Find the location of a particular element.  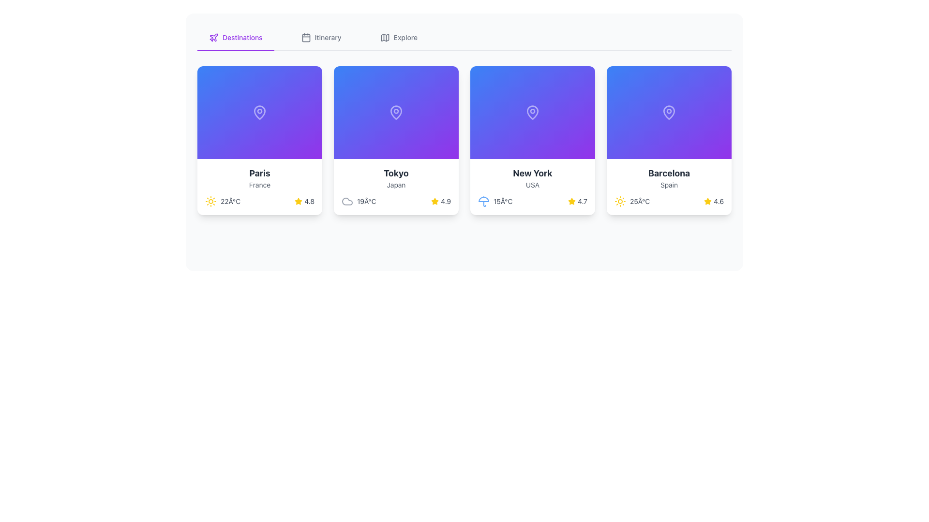

sun-shaped icon representing sunny weather conditions located in the 'Paris, France' card, positioned below the title and next to the temperature text '22°C', for metadata is located at coordinates (210, 201).